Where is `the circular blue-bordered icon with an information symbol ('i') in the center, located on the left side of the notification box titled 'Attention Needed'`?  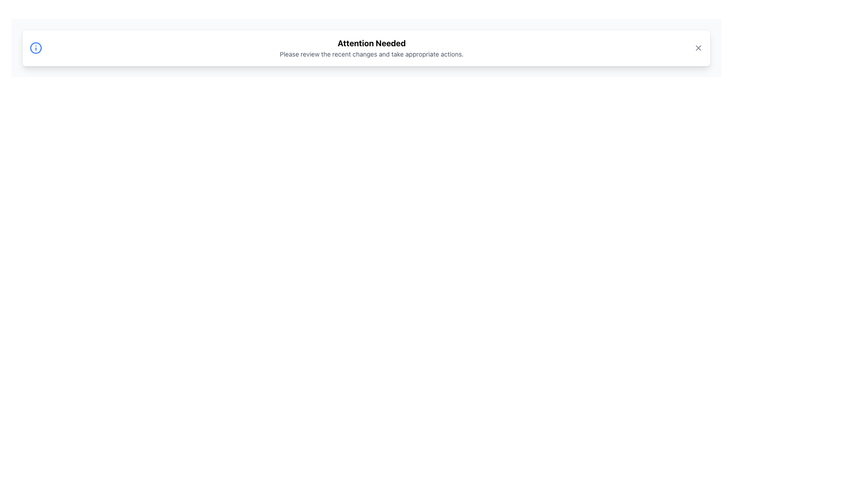 the circular blue-bordered icon with an information symbol ('i') in the center, located on the left side of the notification box titled 'Attention Needed' is located at coordinates (36, 48).